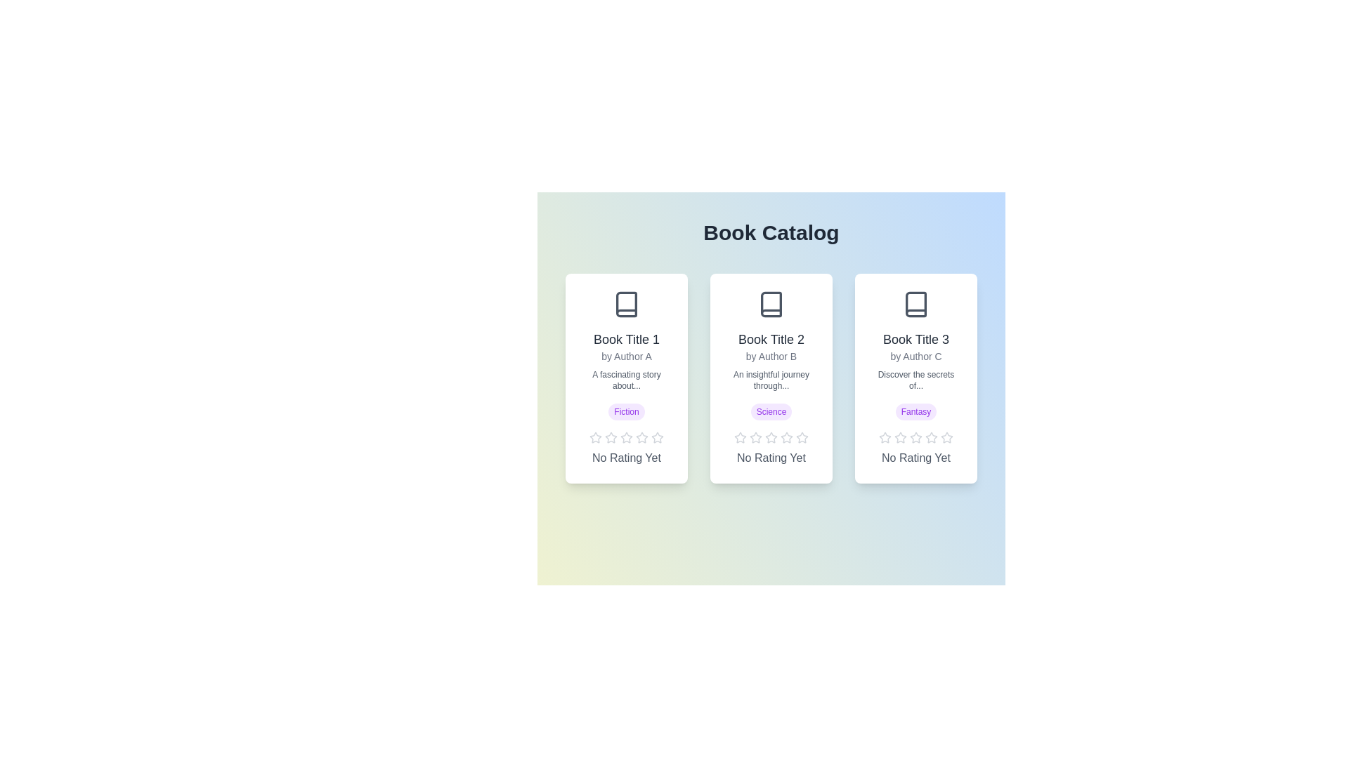  Describe the element at coordinates (916, 458) in the screenshot. I see `the current rating of the book titled Book Title 3` at that location.